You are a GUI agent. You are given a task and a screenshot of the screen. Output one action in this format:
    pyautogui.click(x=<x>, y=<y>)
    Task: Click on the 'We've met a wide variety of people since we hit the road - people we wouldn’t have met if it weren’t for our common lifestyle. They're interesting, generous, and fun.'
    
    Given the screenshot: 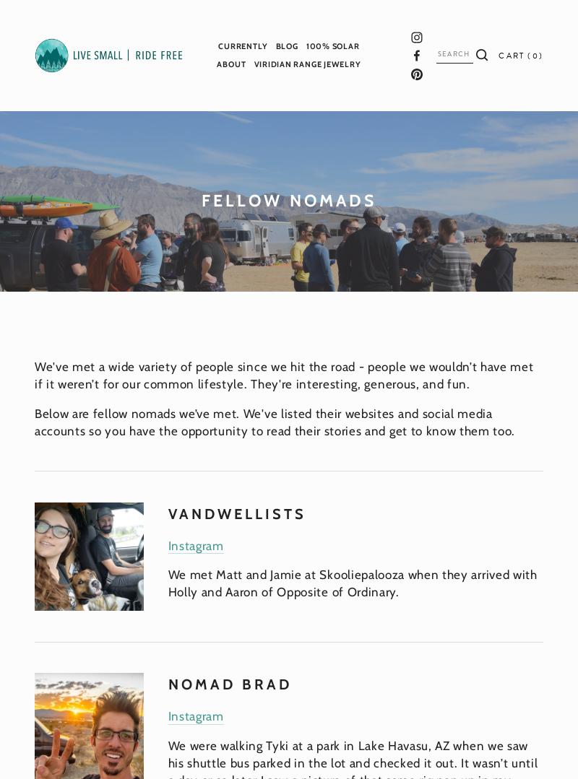 What is the action you would take?
    pyautogui.click(x=34, y=375)
    